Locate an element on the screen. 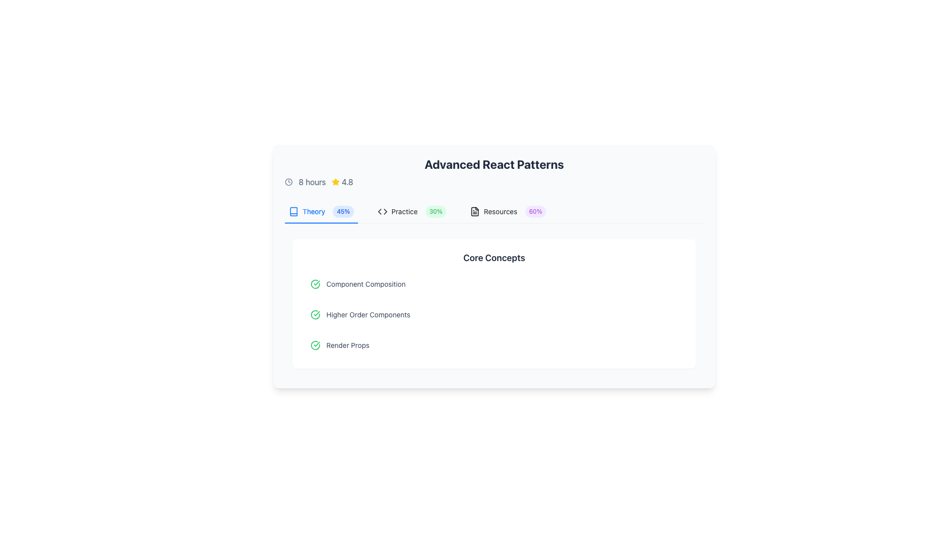 This screenshot has height=533, width=948. the 'Resources' icon, which is part of a segmented line of categories including 'Theory', 'Practice', and 'Resources', located to the left of the text label 'Resources' and the completion percentage '60%.' is located at coordinates (475, 211).